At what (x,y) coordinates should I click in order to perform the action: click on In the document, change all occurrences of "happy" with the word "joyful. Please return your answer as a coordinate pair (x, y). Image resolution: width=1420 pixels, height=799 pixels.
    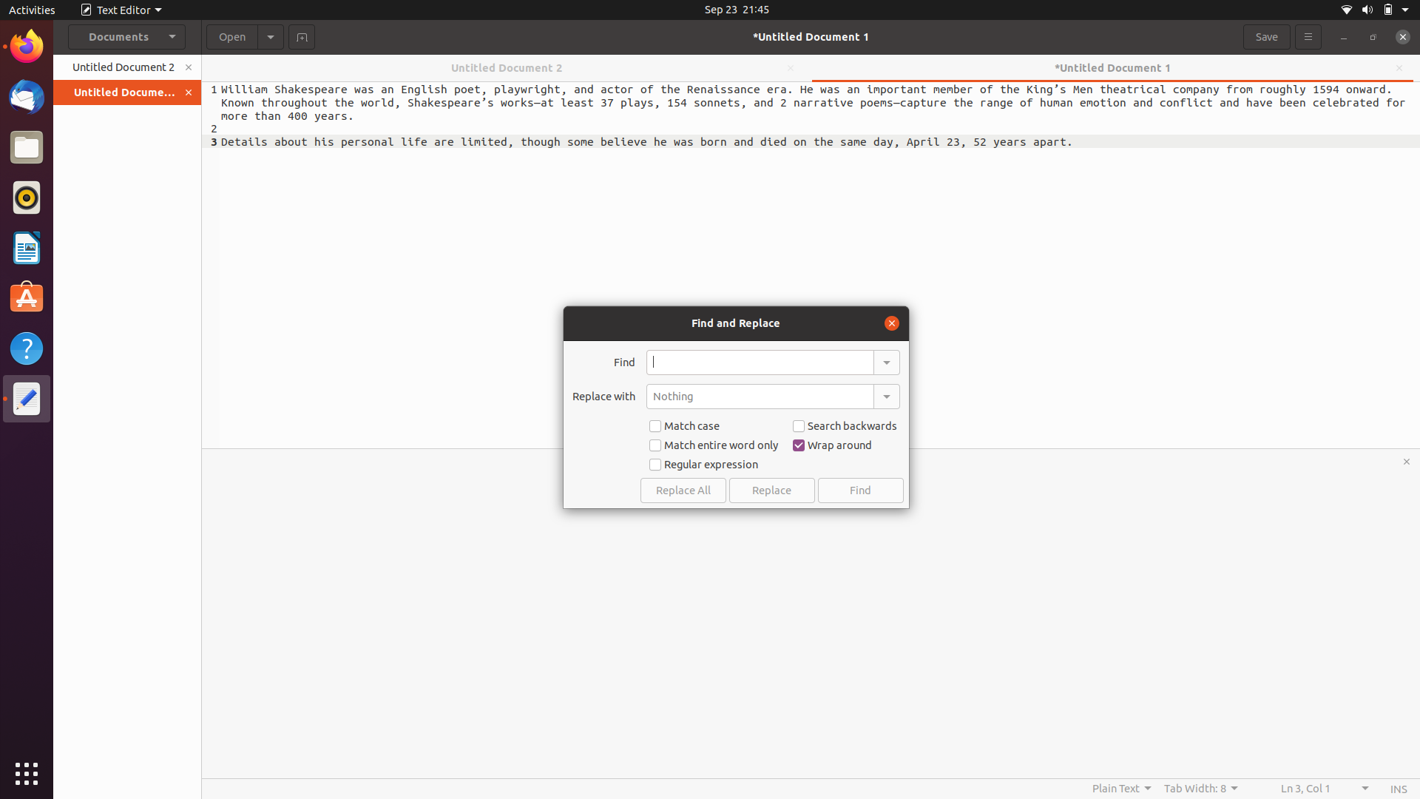
    Looking at the image, I should click on (760, 362).